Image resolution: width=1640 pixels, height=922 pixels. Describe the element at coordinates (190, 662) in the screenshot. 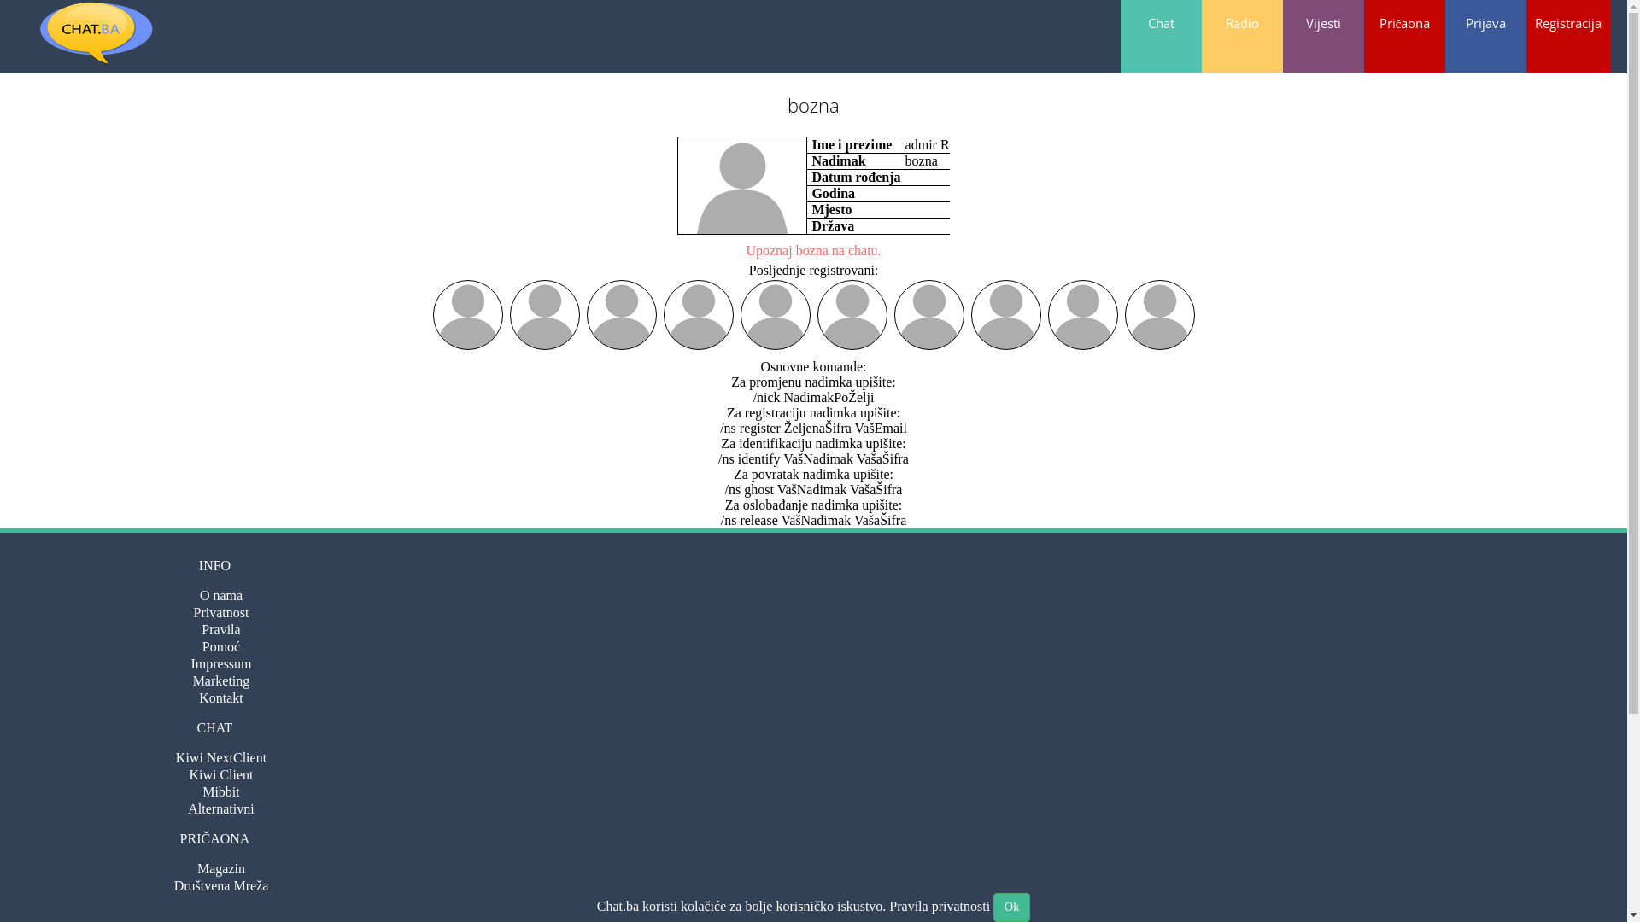

I see `'Impressum'` at that location.